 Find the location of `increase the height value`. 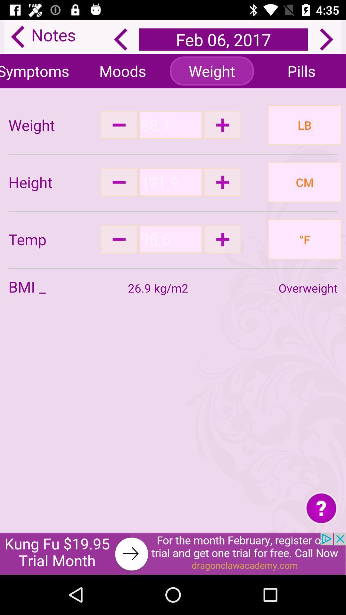

increase the height value is located at coordinates (222, 182).